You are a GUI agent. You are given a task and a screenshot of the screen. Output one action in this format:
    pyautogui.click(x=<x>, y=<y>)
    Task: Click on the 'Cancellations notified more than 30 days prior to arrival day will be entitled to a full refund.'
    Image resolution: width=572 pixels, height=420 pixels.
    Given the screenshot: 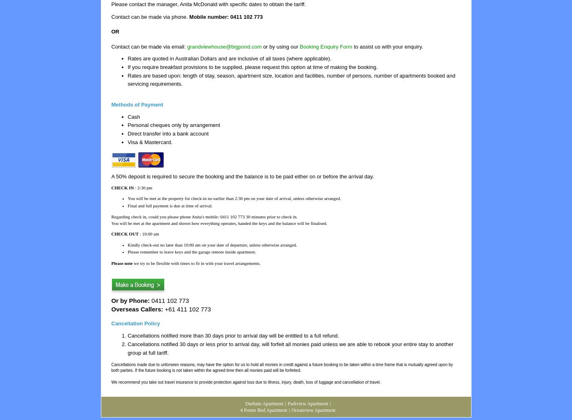 What is the action you would take?
    pyautogui.click(x=233, y=335)
    